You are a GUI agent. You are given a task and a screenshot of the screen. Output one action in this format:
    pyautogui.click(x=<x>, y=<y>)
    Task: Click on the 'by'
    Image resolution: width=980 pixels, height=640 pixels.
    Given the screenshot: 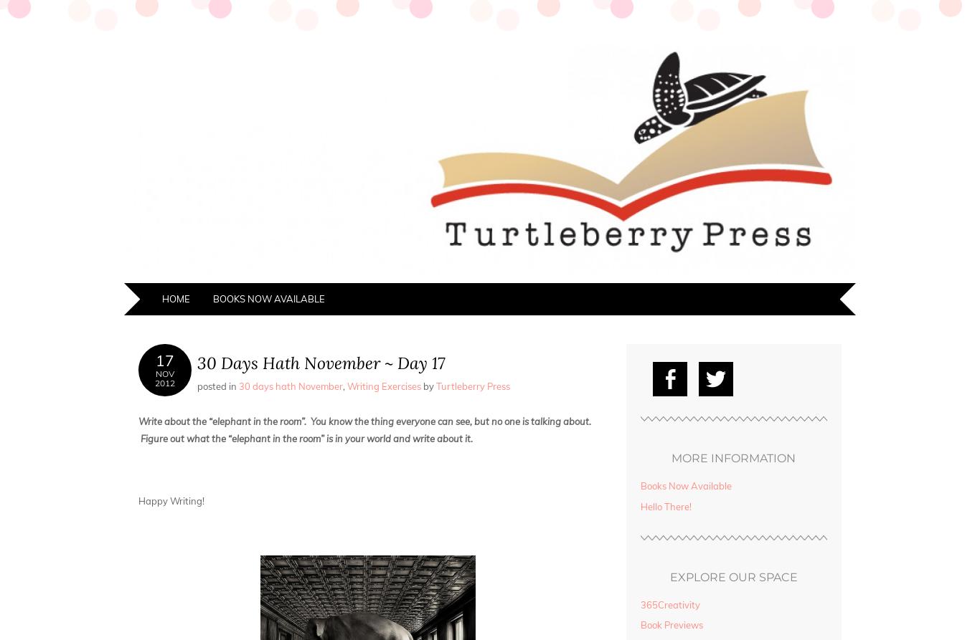 What is the action you would take?
    pyautogui.click(x=422, y=385)
    